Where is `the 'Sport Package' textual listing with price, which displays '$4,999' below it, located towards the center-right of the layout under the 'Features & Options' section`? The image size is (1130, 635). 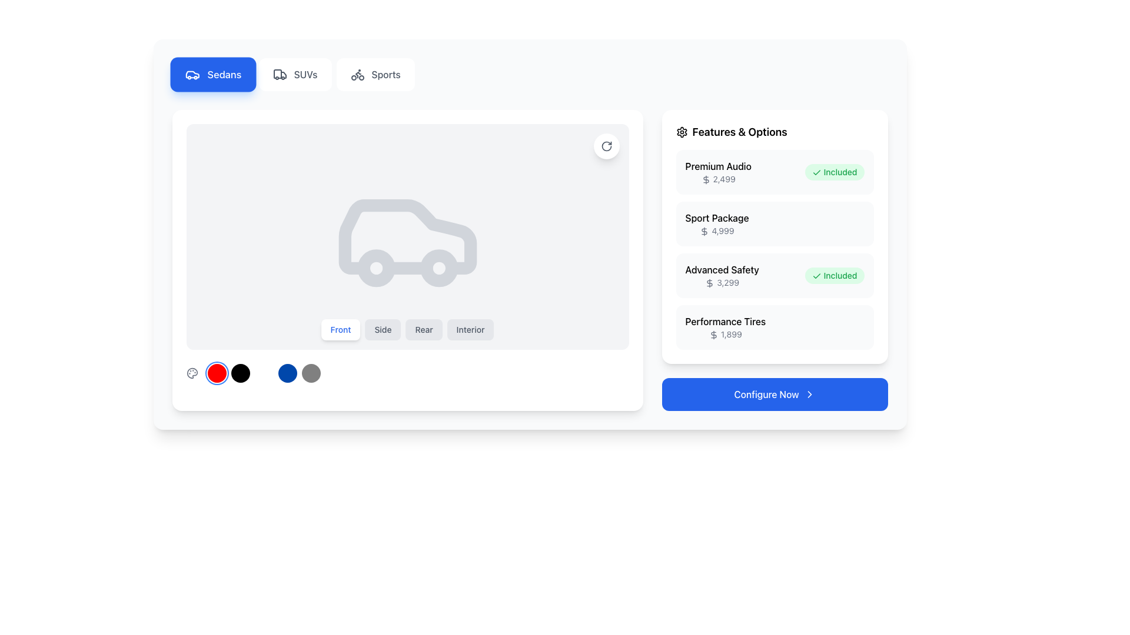
the 'Sport Package' textual listing with price, which displays '$4,999' below it, located towards the center-right of the layout under the 'Features & Options' section is located at coordinates (716, 224).